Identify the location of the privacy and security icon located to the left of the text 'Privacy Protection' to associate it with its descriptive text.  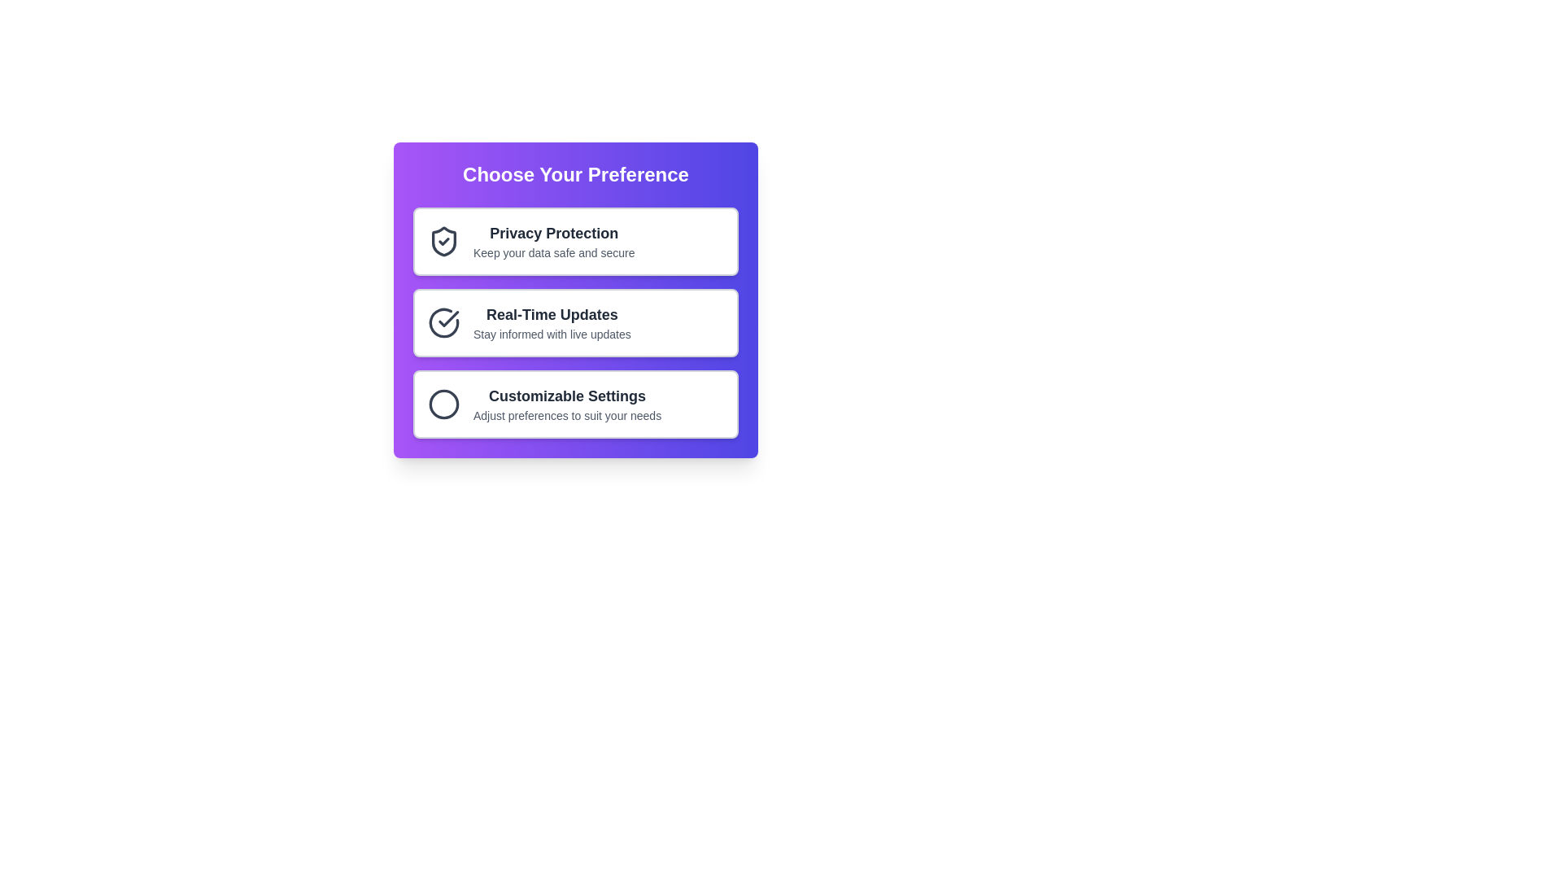
(444, 242).